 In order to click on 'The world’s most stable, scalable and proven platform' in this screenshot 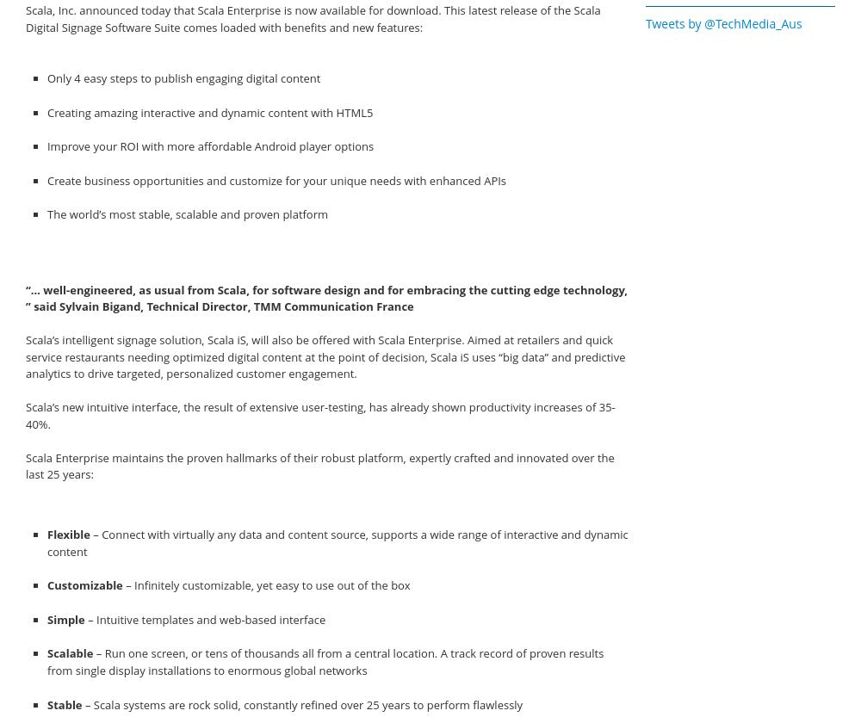, I will do `click(187, 213)`.